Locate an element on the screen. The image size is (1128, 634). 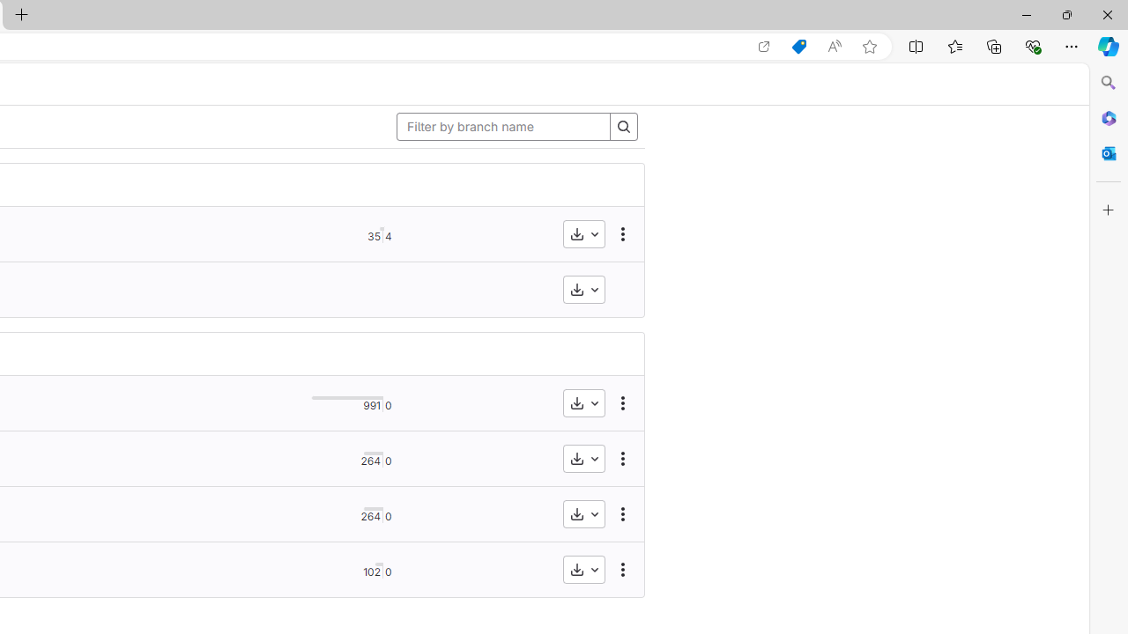
'Open in app' is located at coordinates (764, 46).